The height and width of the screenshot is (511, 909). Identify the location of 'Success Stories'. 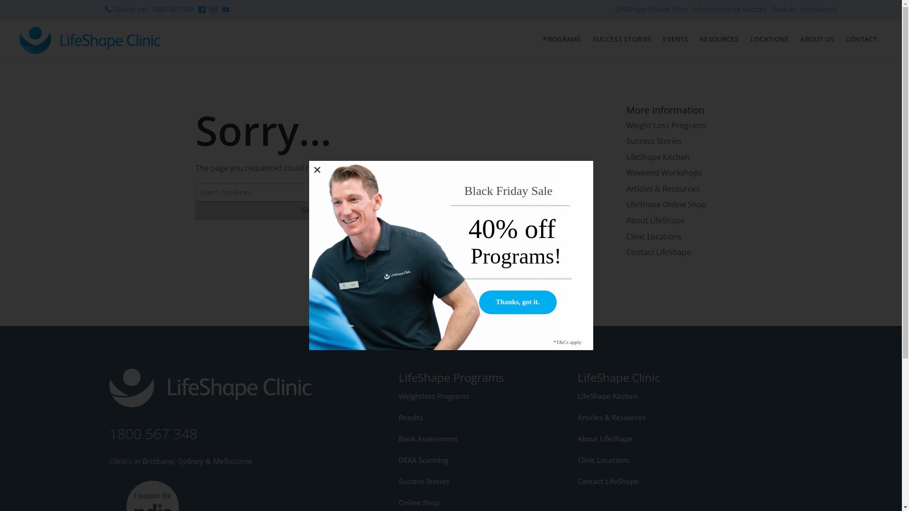
(445, 481).